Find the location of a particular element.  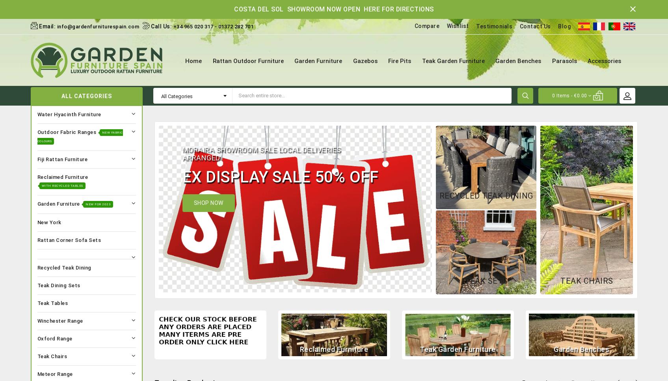

'Water Hyacinth Furniture' is located at coordinates (37, 113).